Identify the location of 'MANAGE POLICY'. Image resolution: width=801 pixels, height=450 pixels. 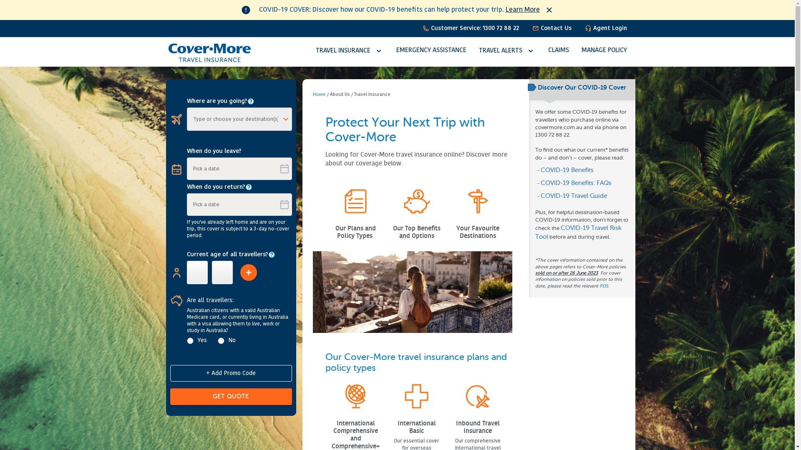
(604, 50).